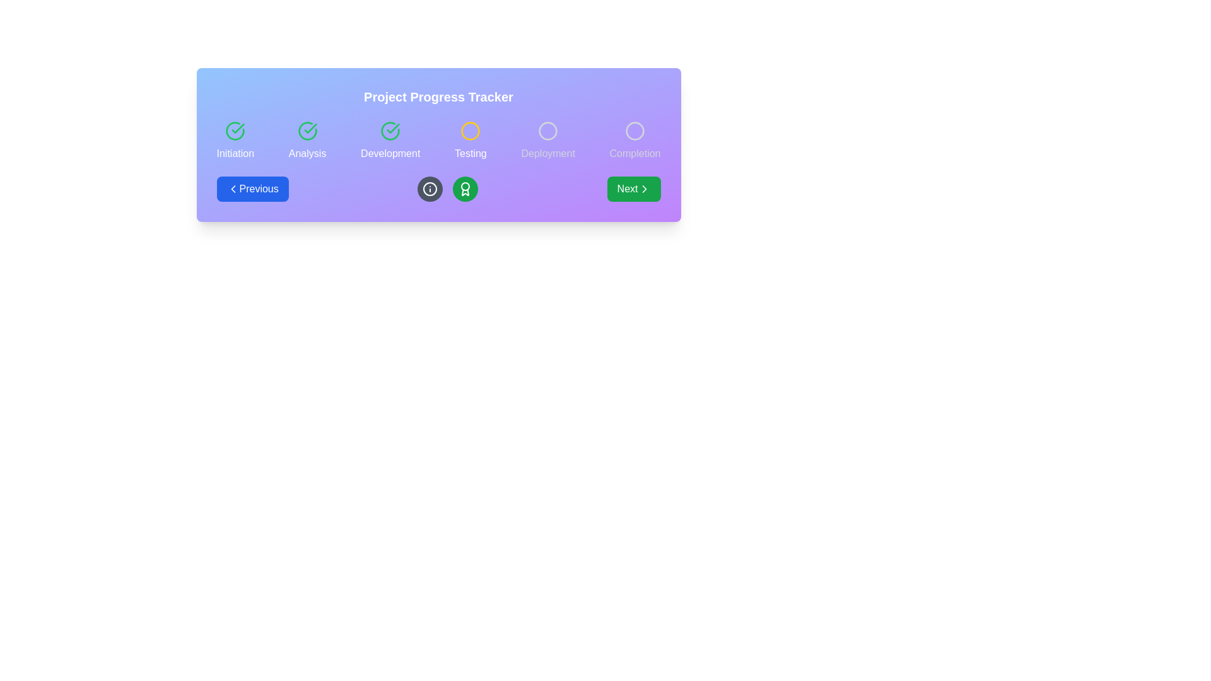  Describe the element at coordinates (235, 131) in the screenshot. I see `the green checkmark icon in the progress tracker interface, indicating completion or approval, located between the 'Initiation' and 'Development' section icons` at that location.